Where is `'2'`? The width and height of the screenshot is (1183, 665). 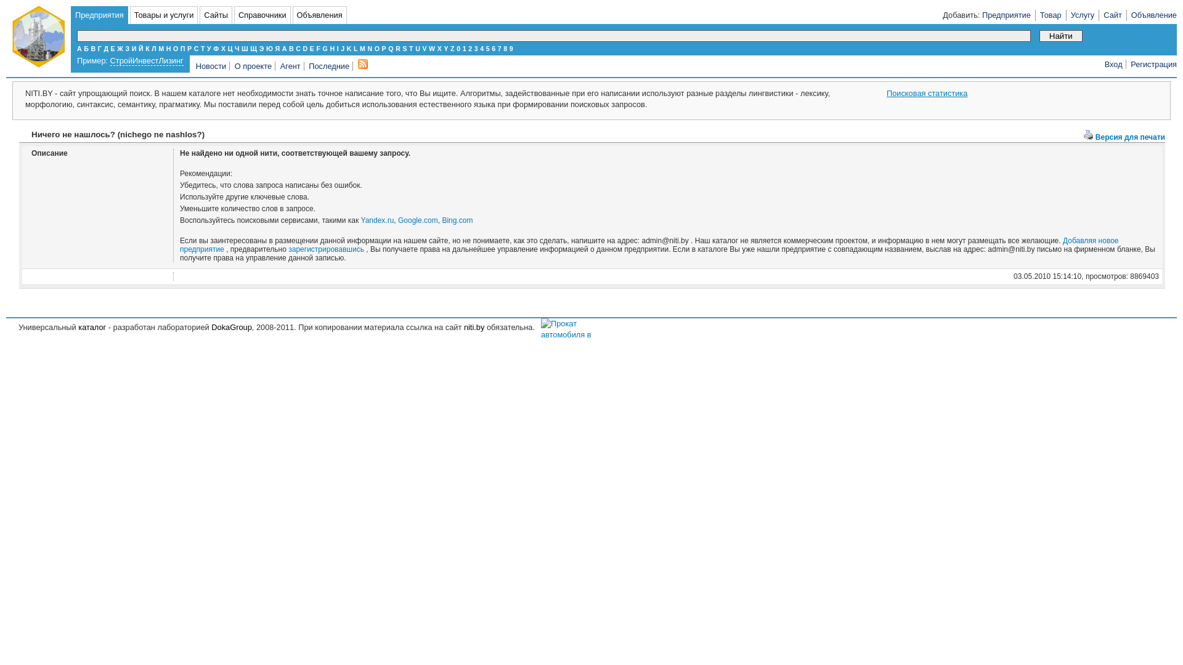 '2' is located at coordinates (470, 47).